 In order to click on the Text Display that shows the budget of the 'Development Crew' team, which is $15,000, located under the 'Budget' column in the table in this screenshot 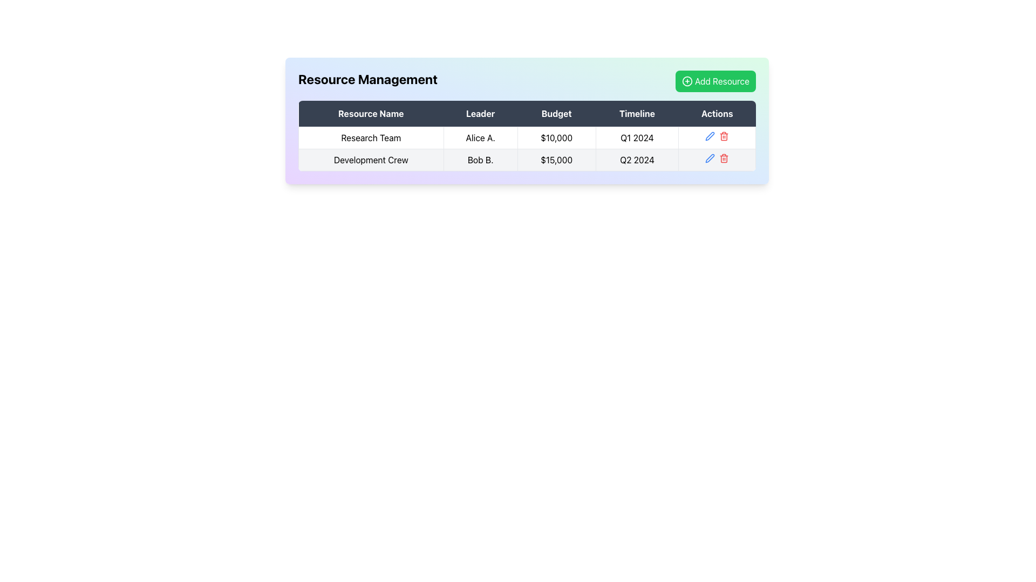, I will do `click(556, 160)`.